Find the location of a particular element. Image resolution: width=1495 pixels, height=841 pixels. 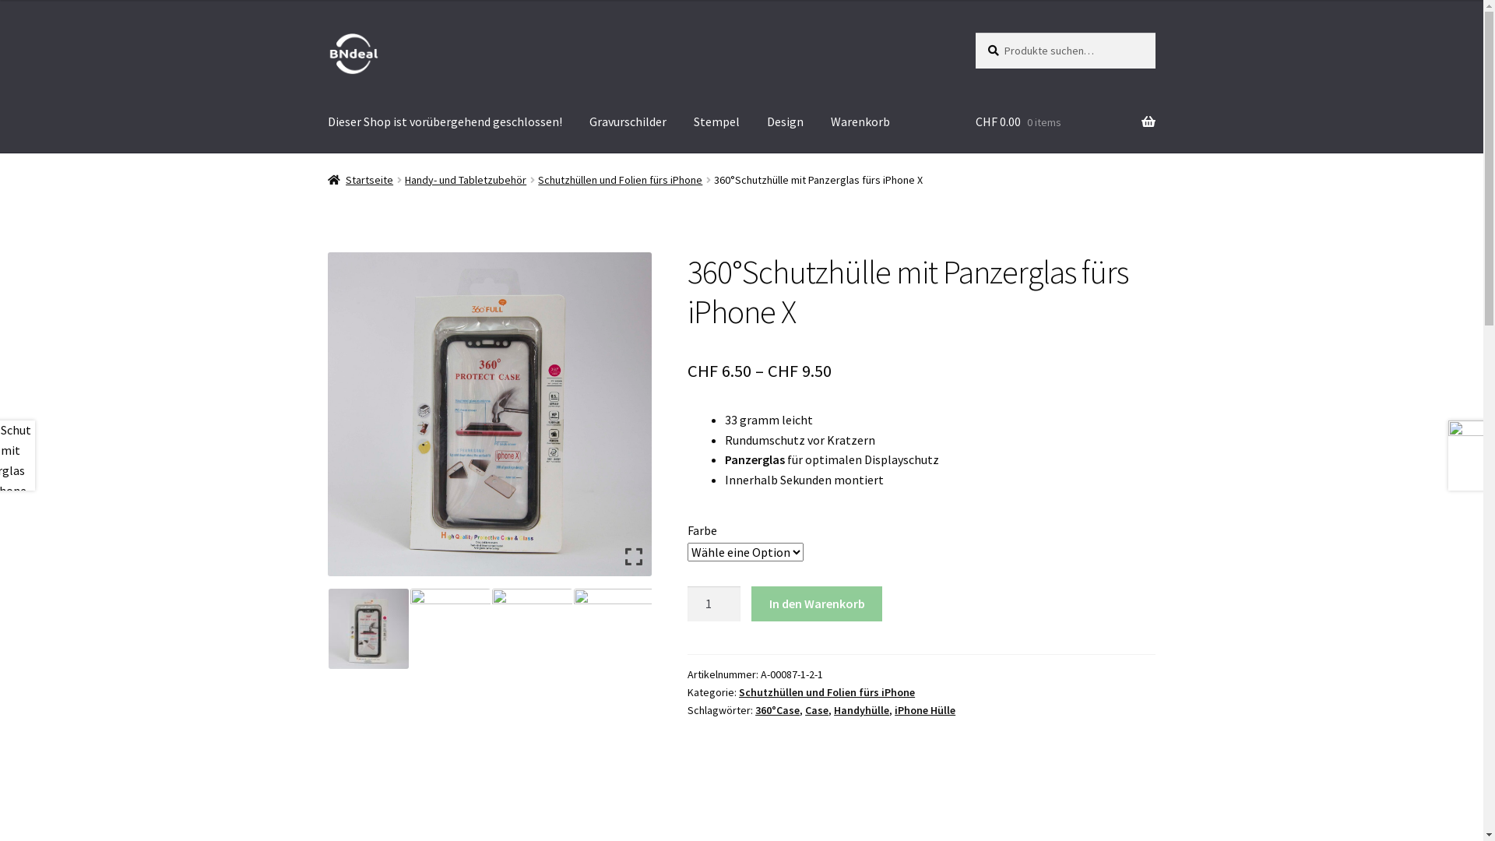

'CHF 0.00 0 items' is located at coordinates (974, 121).